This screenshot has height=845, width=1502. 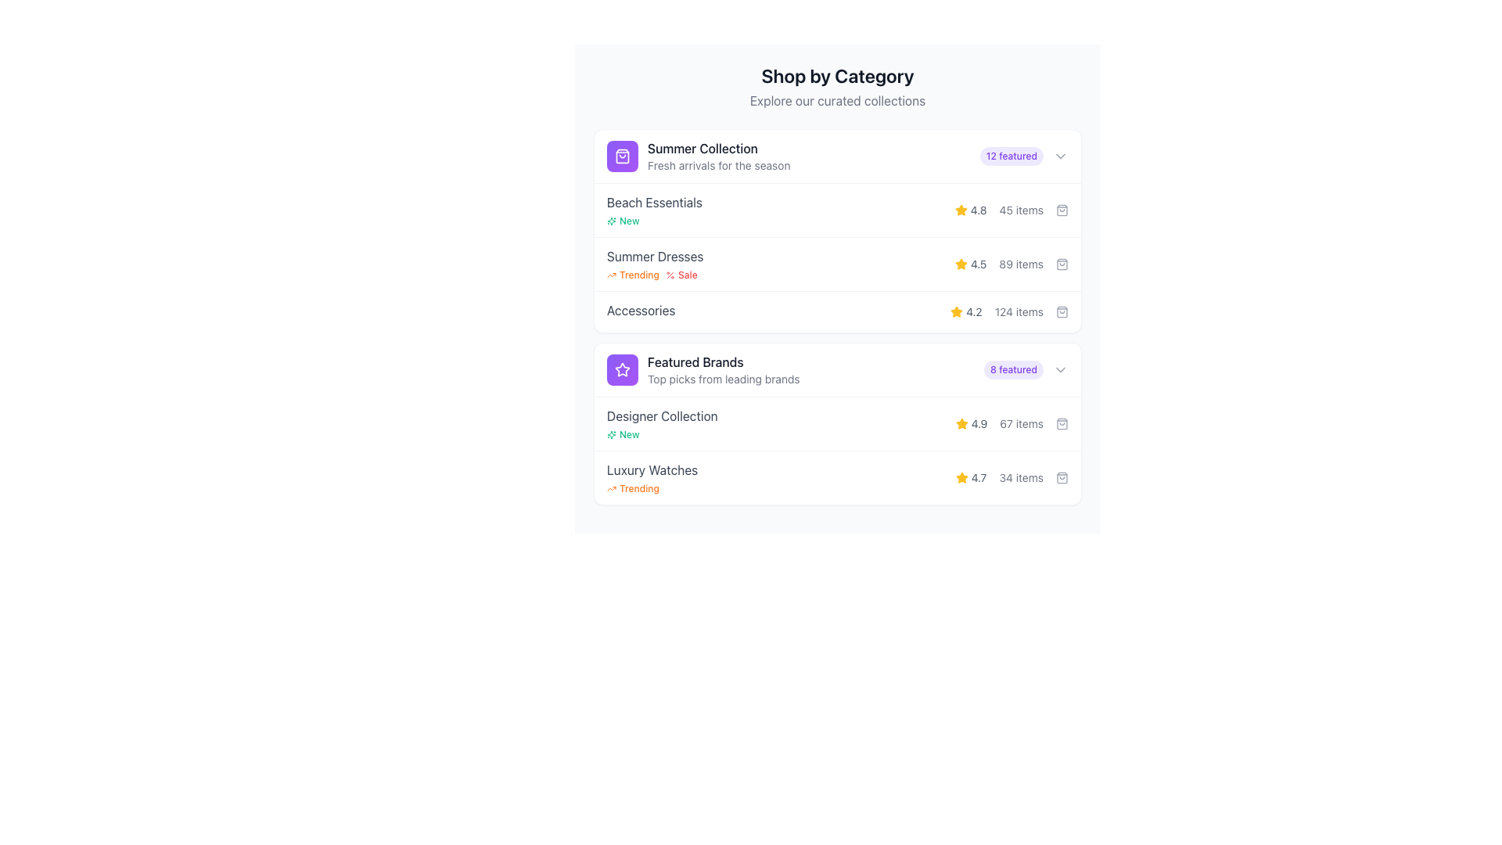 What do you see at coordinates (961, 476) in the screenshot?
I see `the yellow star icon representing a rating component, located adjacent to the text '4.2' in the 'Shop by Category' section under 'Accessories.'` at bounding box center [961, 476].